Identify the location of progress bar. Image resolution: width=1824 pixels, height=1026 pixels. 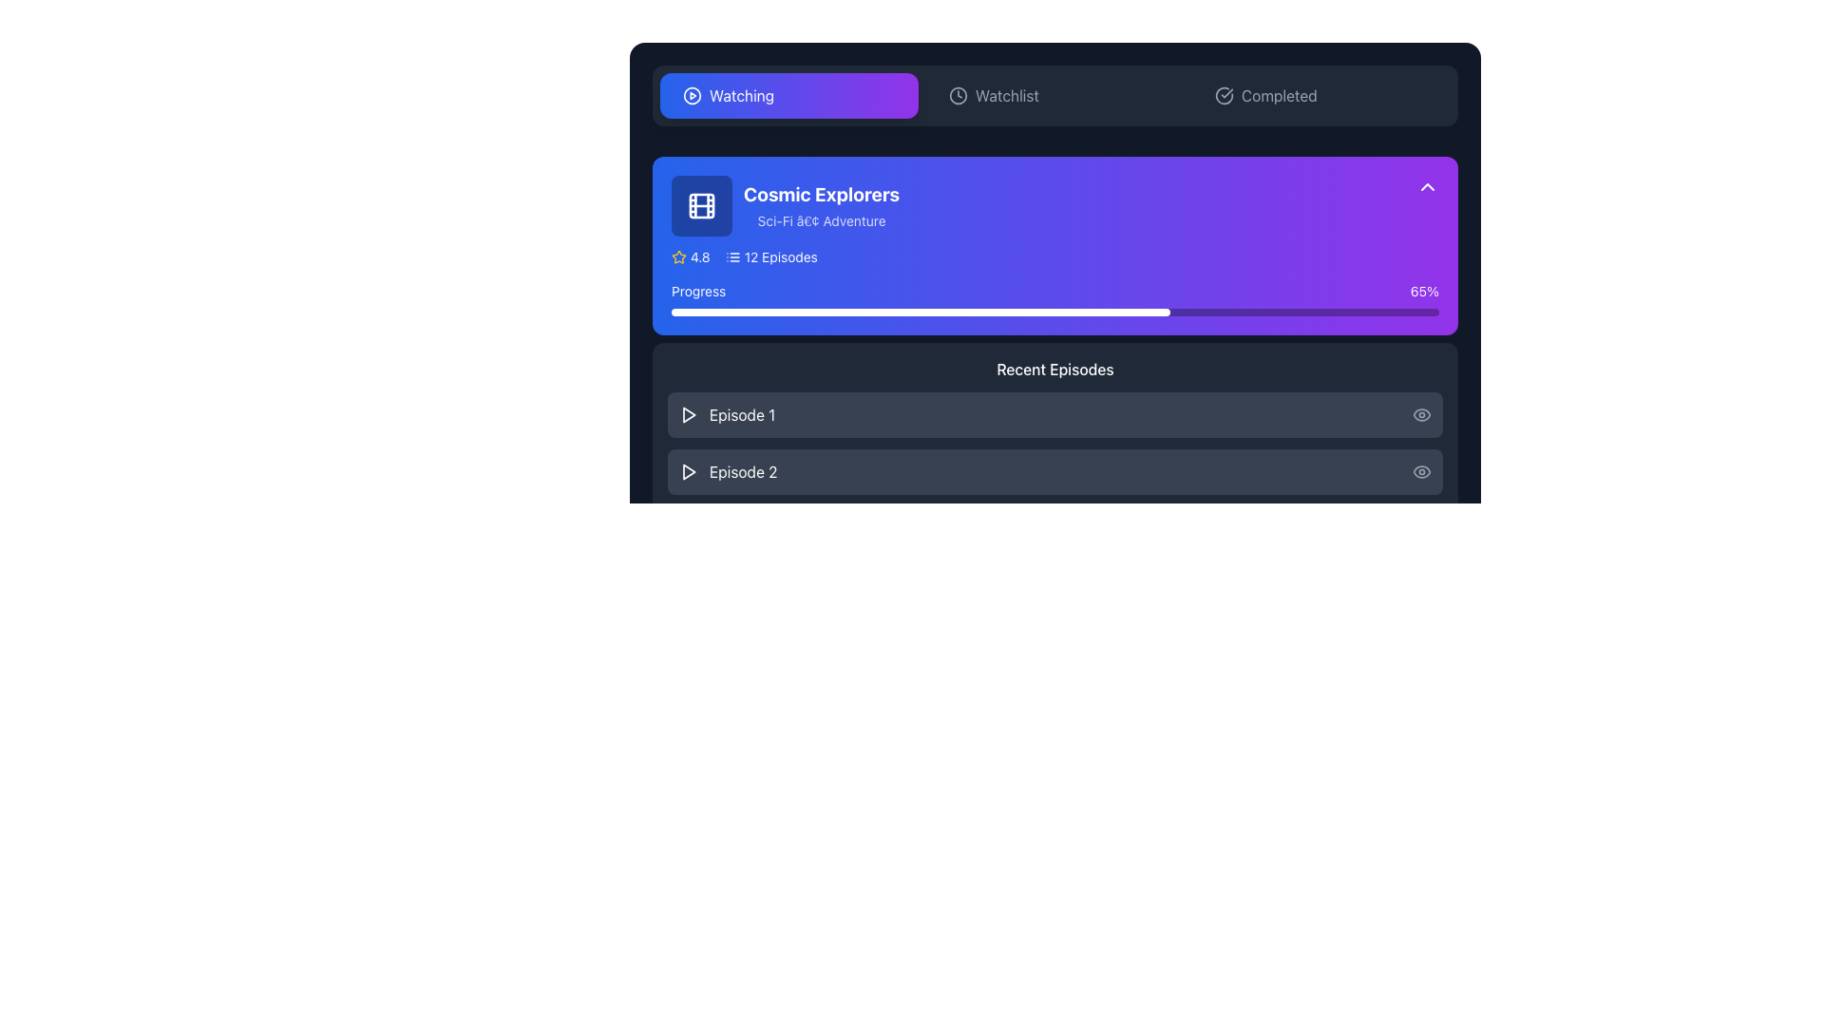
(1216, 311).